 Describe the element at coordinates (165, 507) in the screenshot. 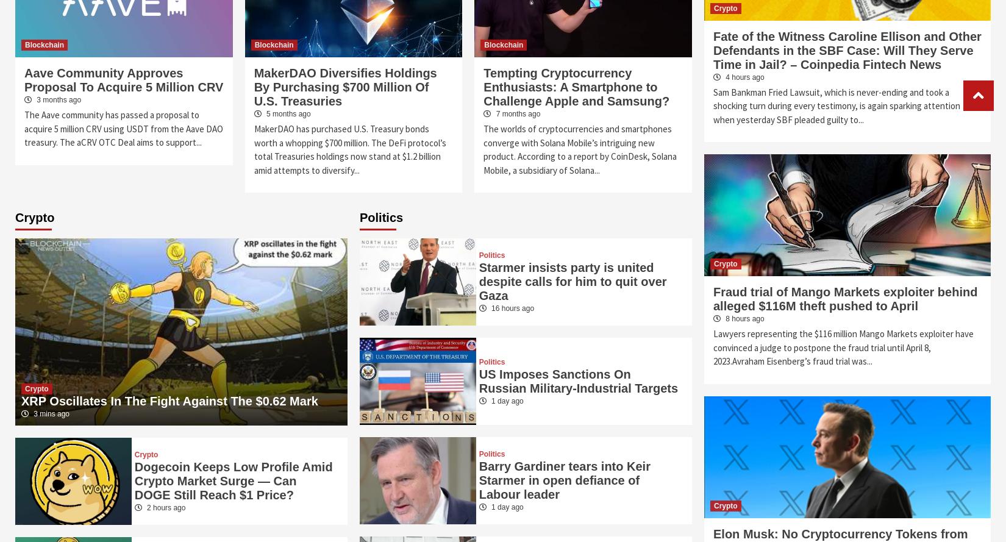

I see `'2 hours ago'` at that location.